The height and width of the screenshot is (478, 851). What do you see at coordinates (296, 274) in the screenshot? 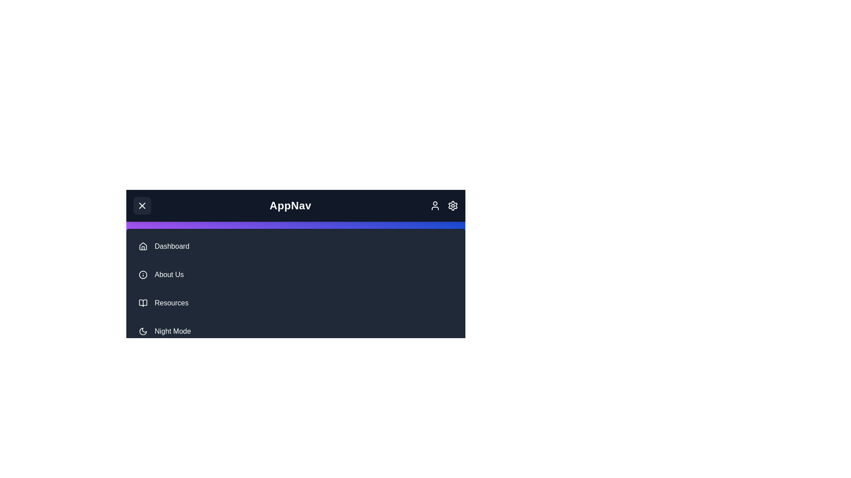
I see `the navigation item About Us to navigate to the corresponding section` at bounding box center [296, 274].